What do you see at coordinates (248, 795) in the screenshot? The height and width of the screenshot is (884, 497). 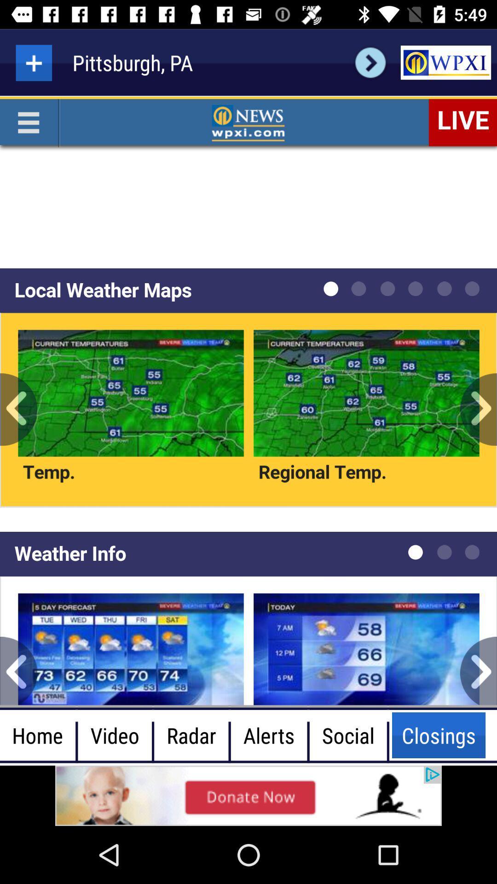 I see `advertisement` at bounding box center [248, 795].